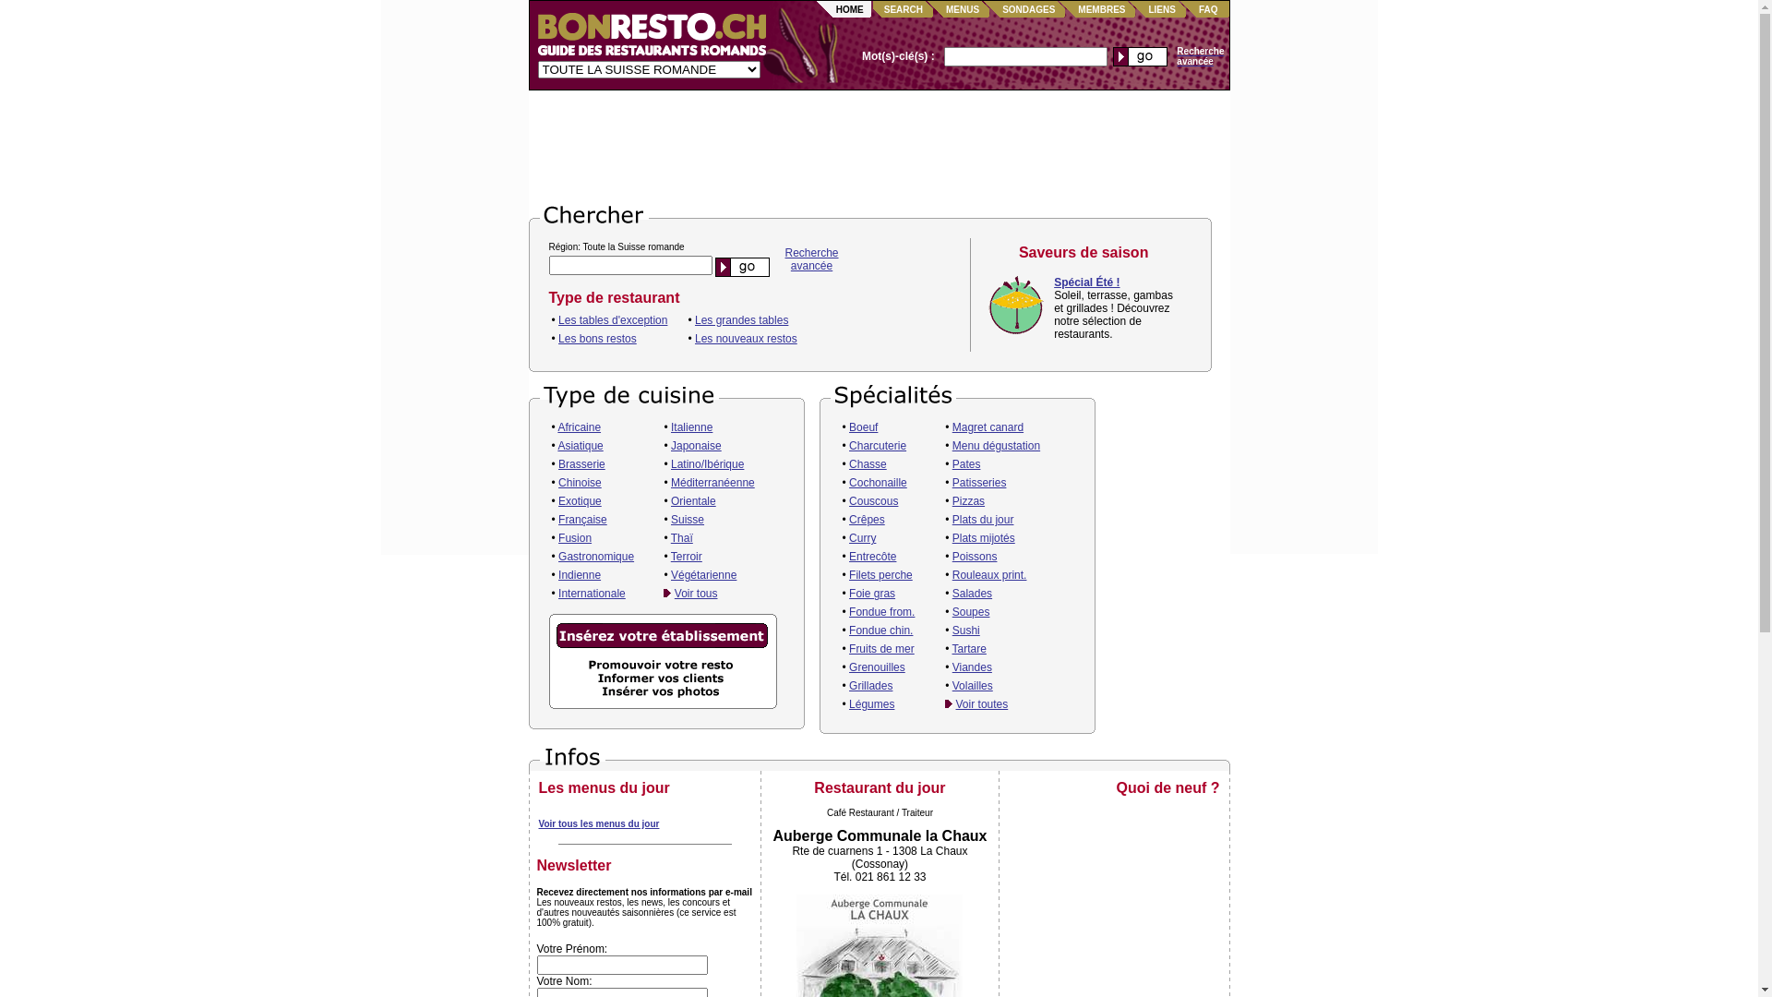 This screenshot has width=1772, height=997. What do you see at coordinates (741, 319) in the screenshot?
I see `'Les grandes tables'` at bounding box center [741, 319].